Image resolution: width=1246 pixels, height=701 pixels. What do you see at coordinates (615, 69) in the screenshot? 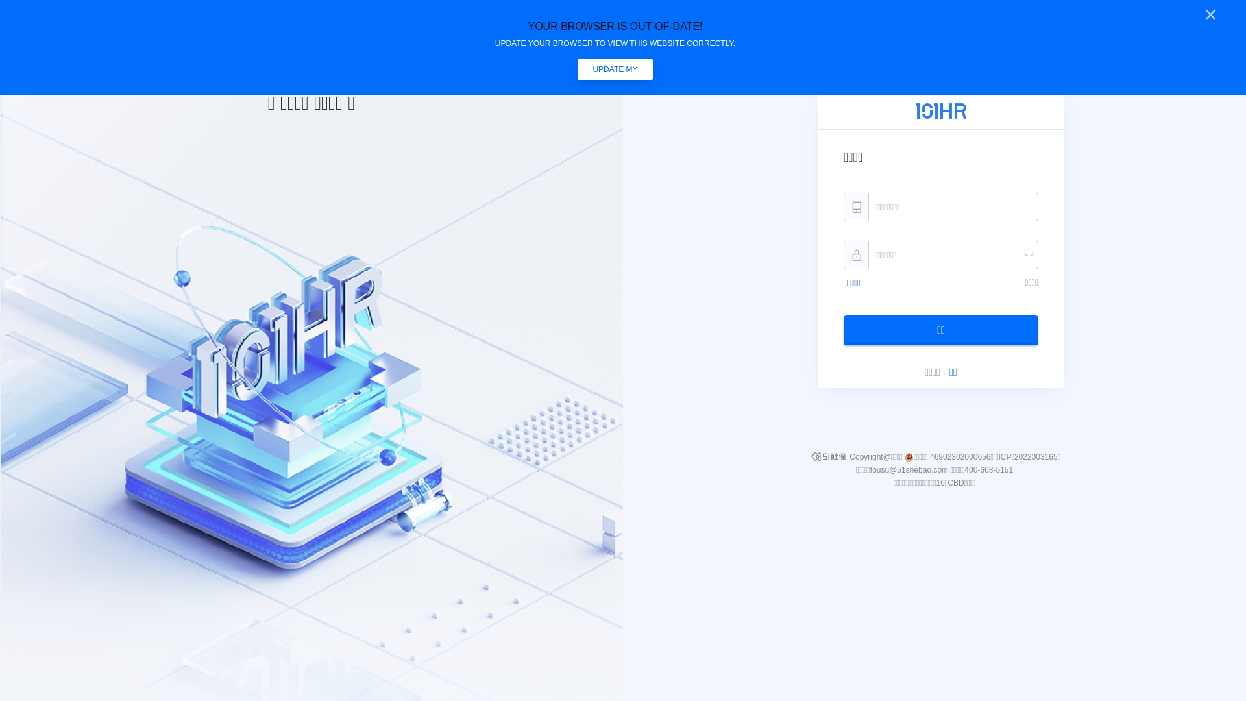
I see `'UPDATE MY BROWSER NOW'` at bounding box center [615, 69].